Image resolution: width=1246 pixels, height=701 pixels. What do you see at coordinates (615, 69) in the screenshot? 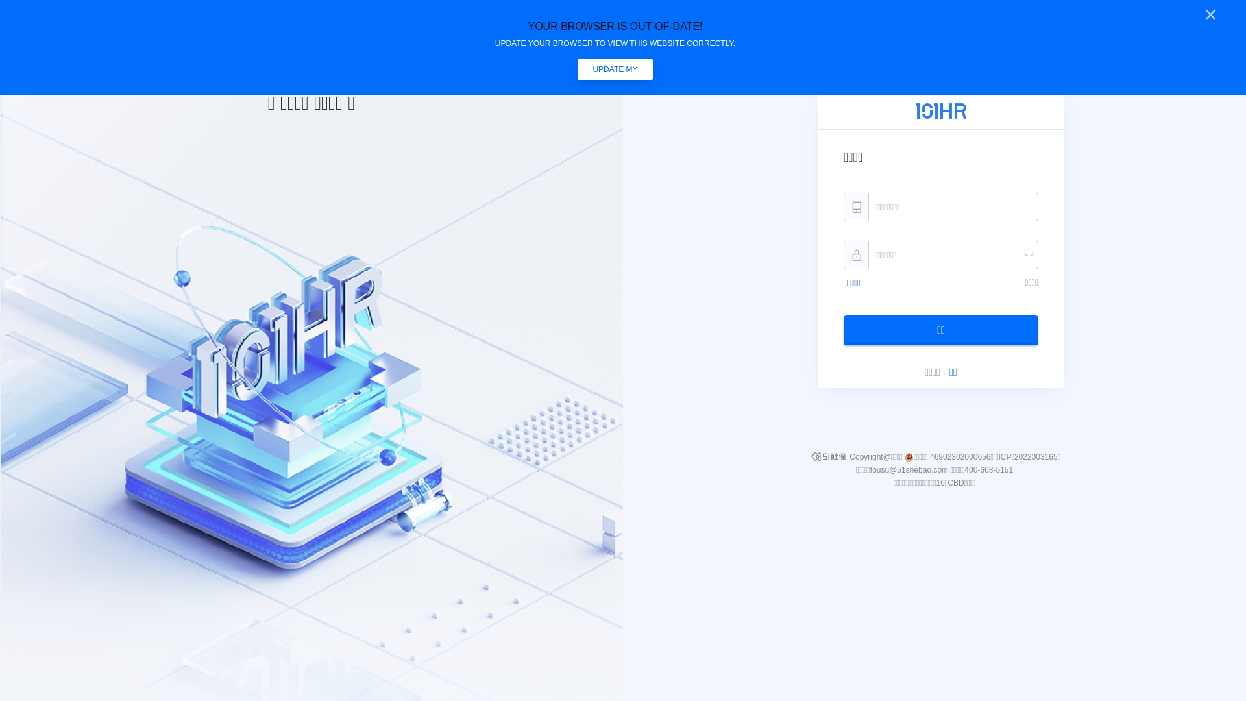
I see `'UPDATE MY BROWSER NOW'` at bounding box center [615, 69].